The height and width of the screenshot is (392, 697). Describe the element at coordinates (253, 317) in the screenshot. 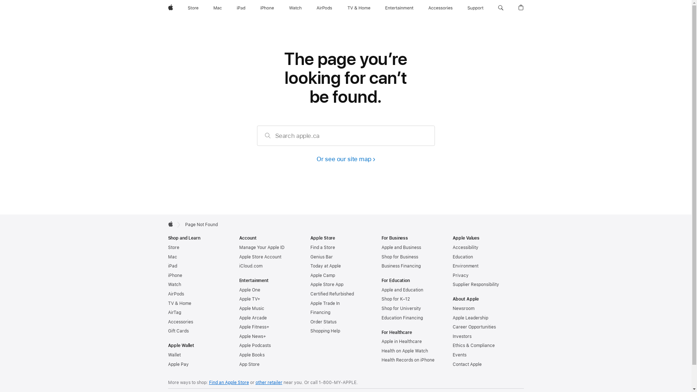

I see `'Apple Arcade'` at that location.